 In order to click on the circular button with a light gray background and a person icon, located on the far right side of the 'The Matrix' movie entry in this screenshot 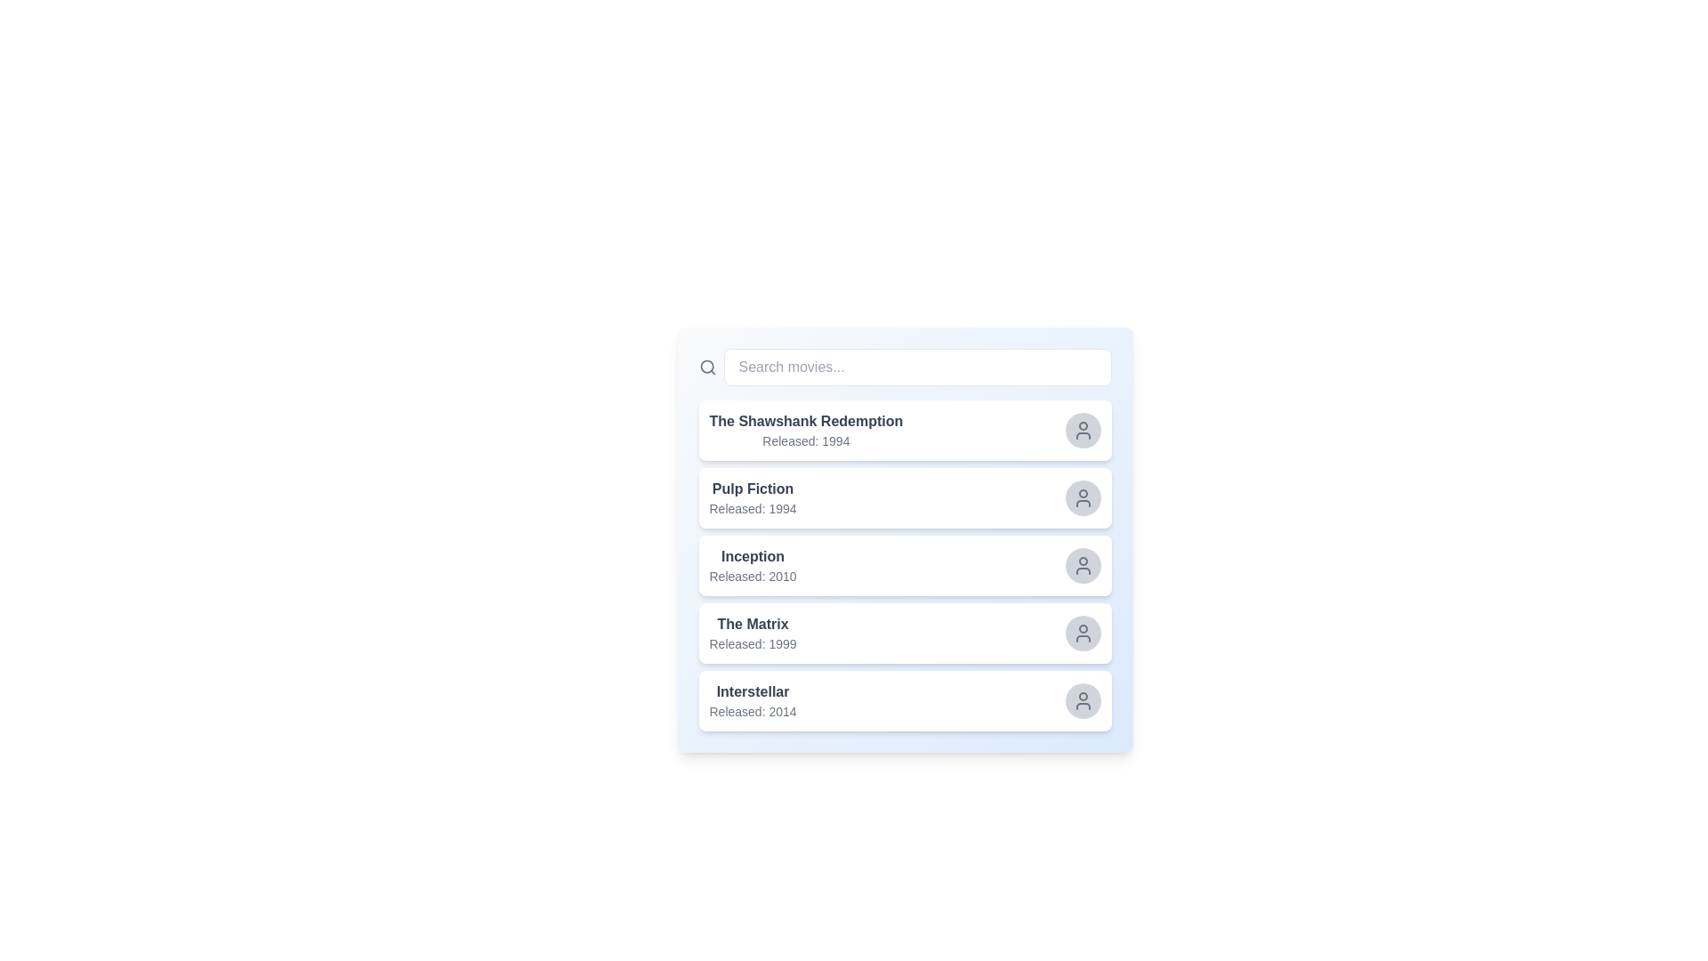, I will do `click(1082, 633)`.